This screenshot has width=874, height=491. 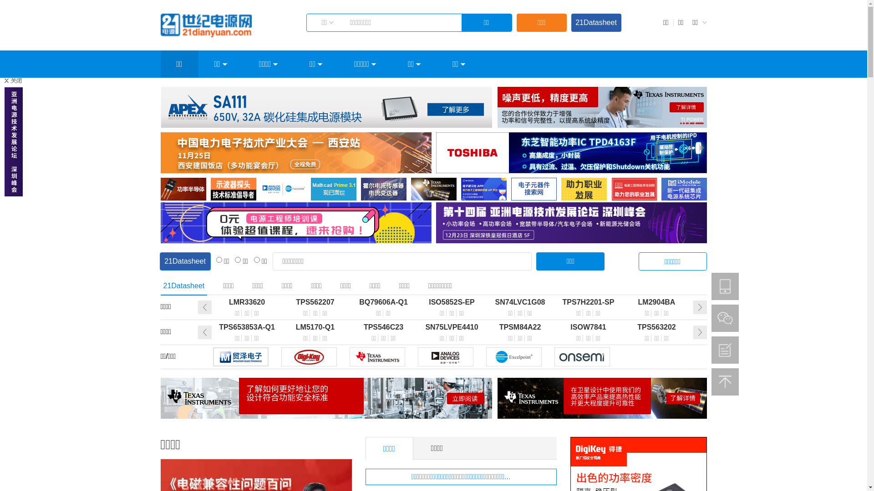 I want to click on 'SN75LVPE4410', so click(x=452, y=327).